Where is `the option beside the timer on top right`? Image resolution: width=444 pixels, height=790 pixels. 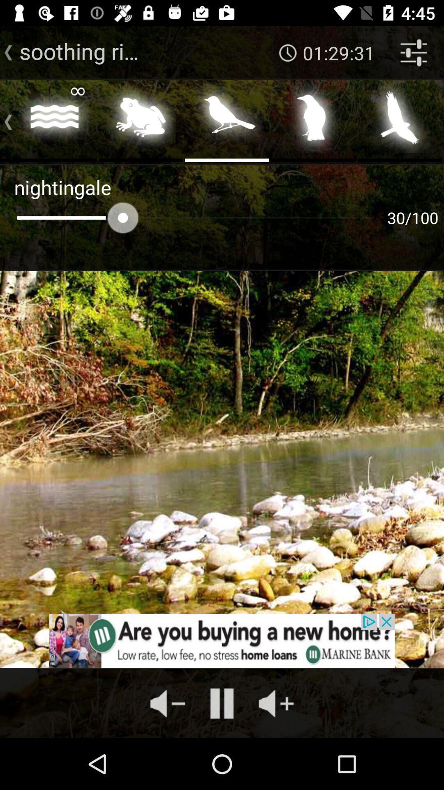 the option beside the timer on top right is located at coordinates (414, 52).